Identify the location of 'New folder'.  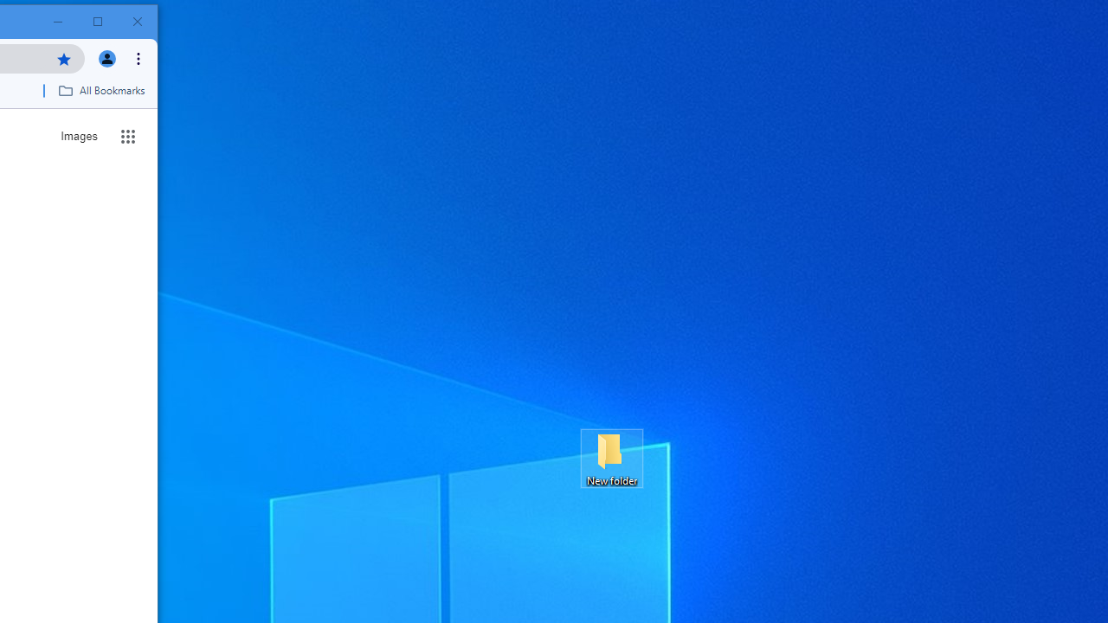
(611, 458).